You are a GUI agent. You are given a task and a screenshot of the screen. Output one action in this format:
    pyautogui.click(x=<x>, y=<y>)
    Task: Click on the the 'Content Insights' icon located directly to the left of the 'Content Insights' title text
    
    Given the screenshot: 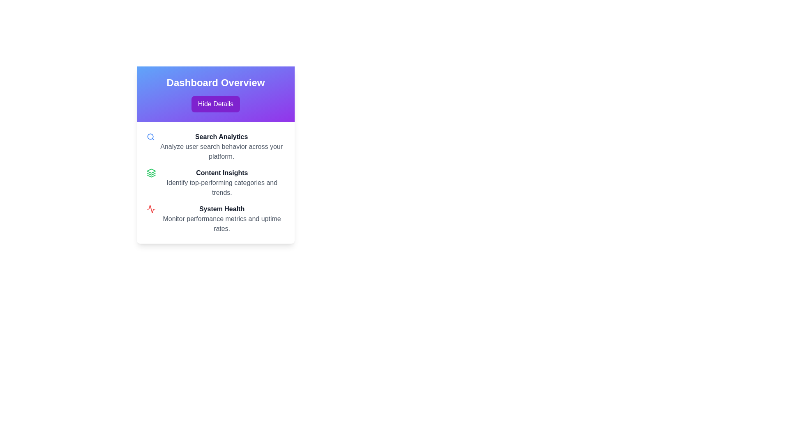 What is the action you would take?
    pyautogui.click(x=151, y=172)
    